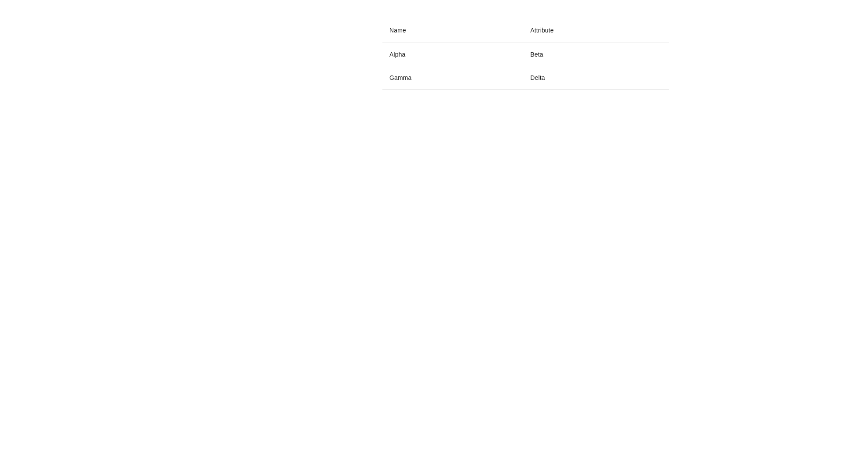 Image resolution: width=842 pixels, height=474 pixels. I want to click on the first table row containing the text cells 'Alpha' and 'Beta', so click(526, 54).